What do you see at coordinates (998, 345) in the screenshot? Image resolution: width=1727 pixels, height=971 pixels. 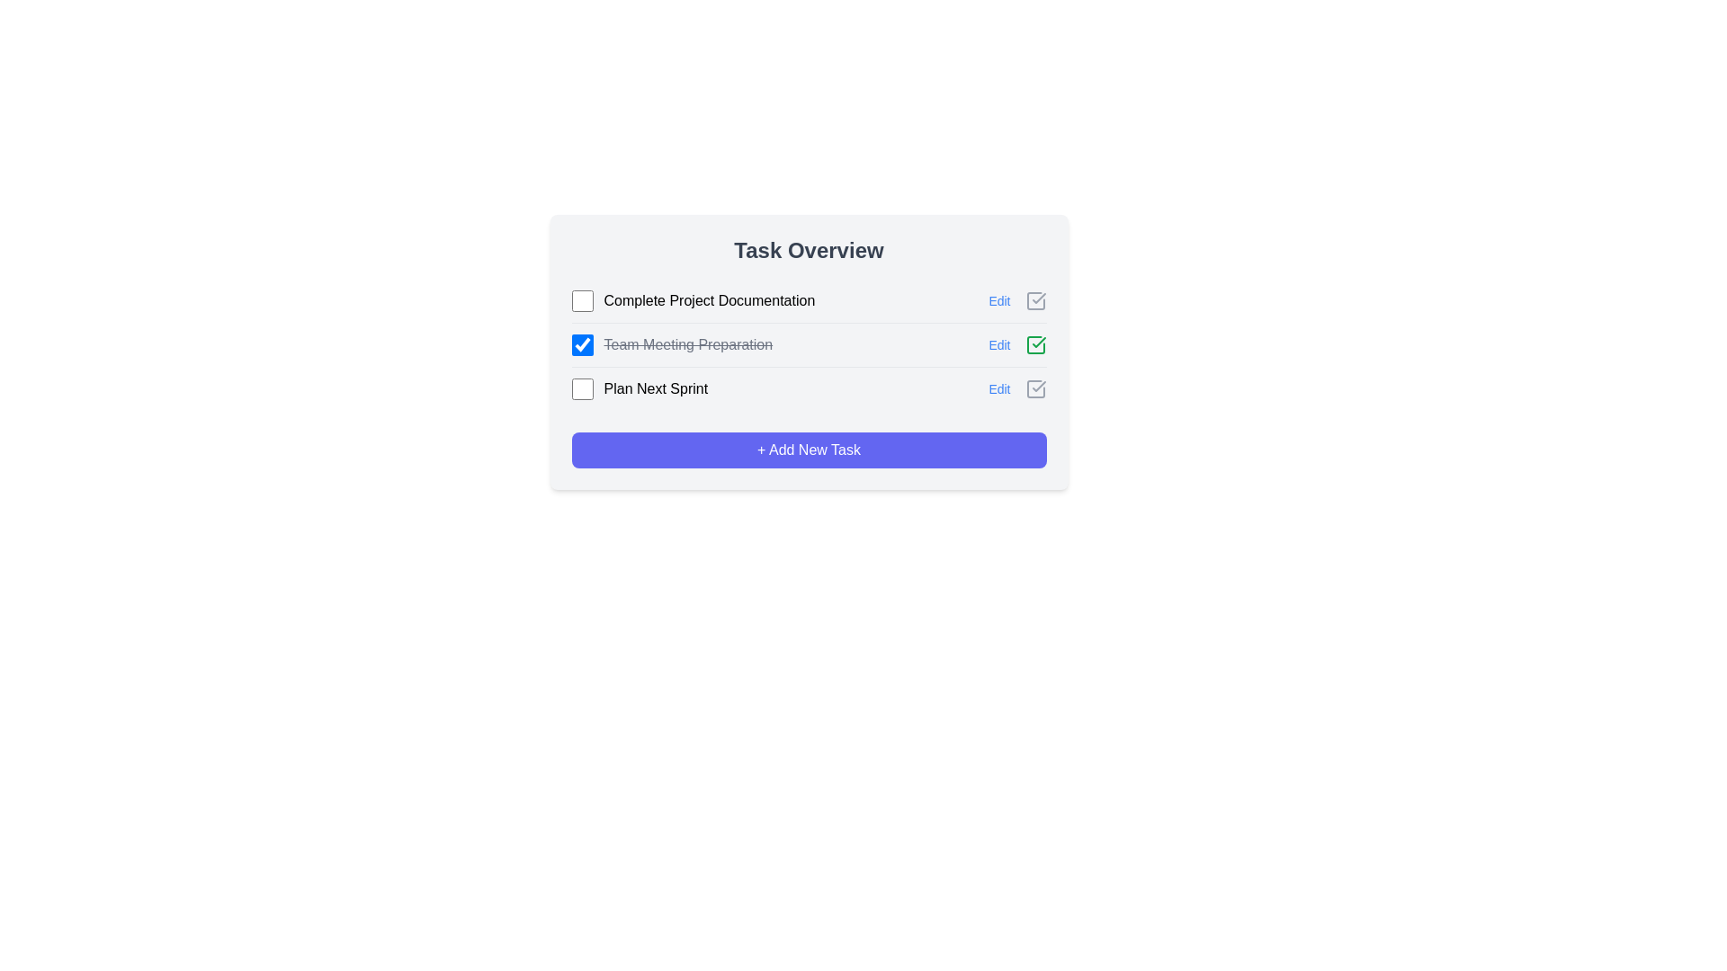 I see `'Edit' button for the task Team Meeting Preparation` at bounding box center [998, 345].